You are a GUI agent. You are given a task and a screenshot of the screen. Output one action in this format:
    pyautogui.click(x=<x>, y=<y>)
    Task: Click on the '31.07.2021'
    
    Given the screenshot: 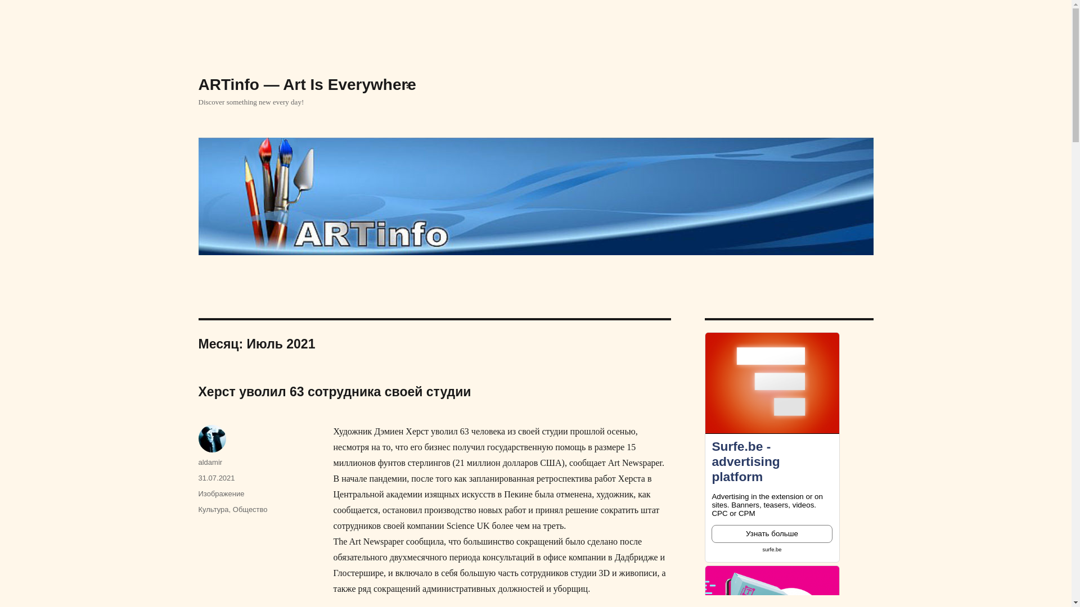 What is the action you would take?
    pyautogui.click(x=216, y=478)
    